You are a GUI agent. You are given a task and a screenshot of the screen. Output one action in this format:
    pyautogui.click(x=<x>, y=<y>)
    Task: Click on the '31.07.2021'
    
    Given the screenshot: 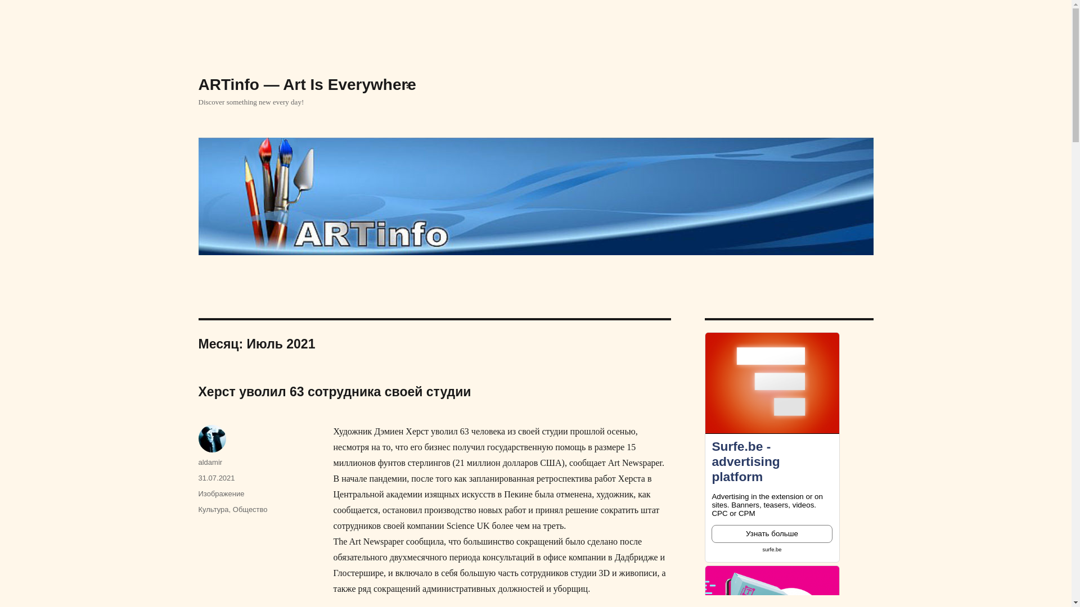 What is the action you would take?
    pyautogui.click(x=216, y=478)
    